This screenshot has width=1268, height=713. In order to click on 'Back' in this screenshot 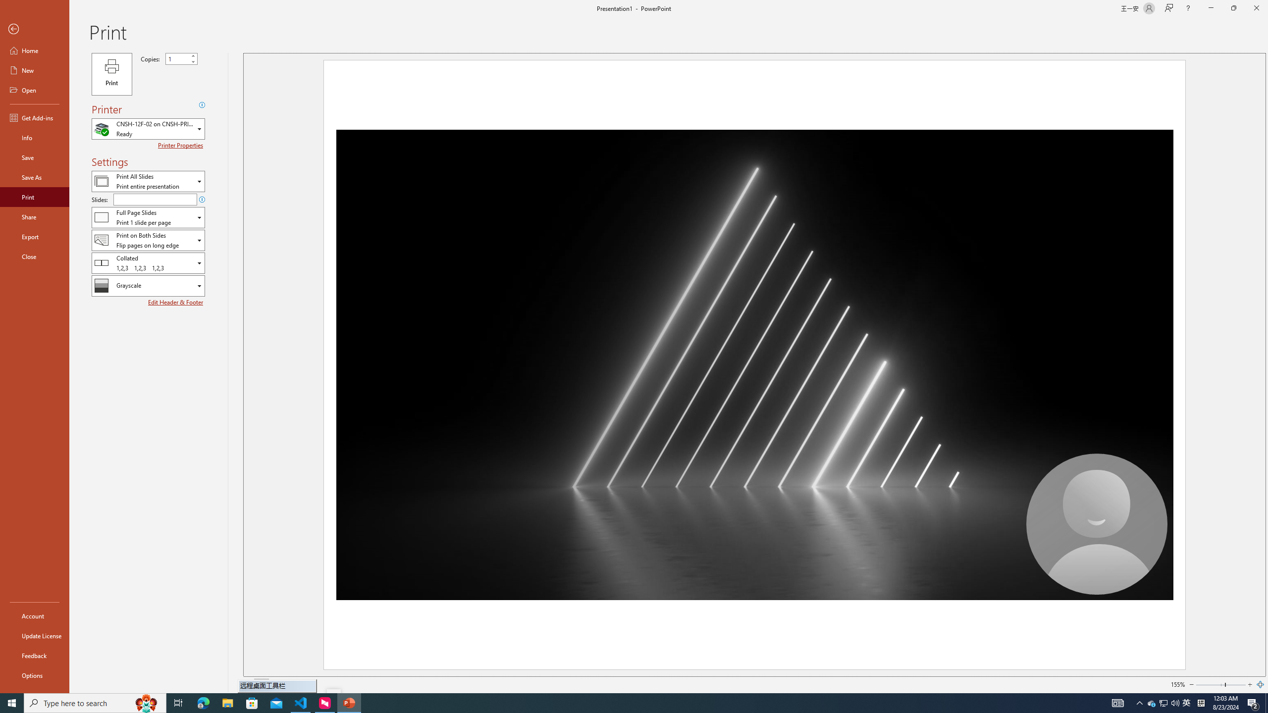, I will do `click(34, 29)`.